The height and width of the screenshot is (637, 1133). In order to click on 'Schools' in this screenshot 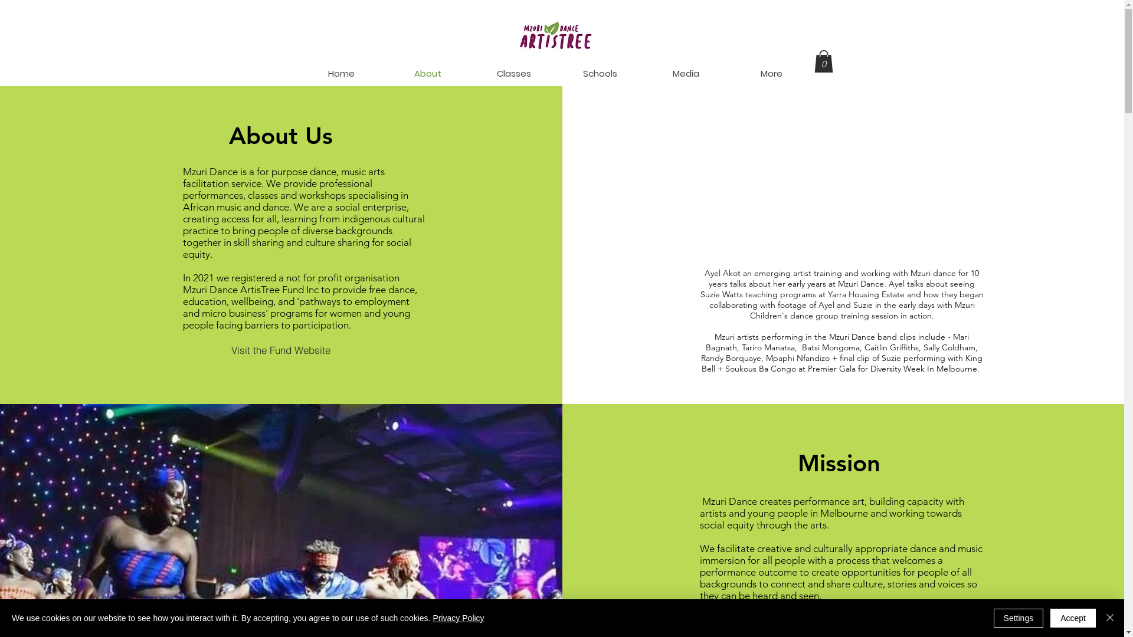, I will do `click(600, 73)`.